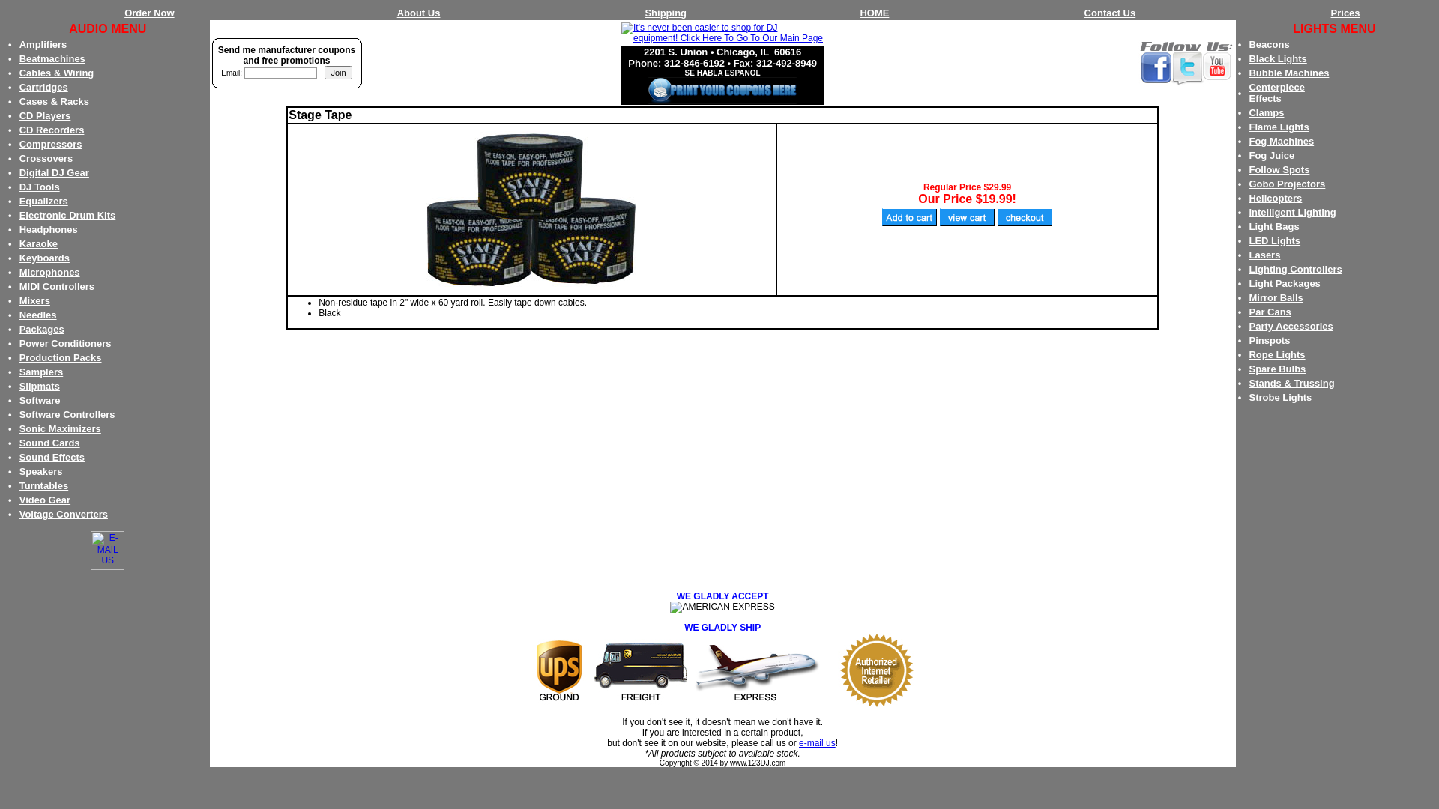 This screenshot has width=1439, height=809. I want to click on 'Light Packages', so click(1248, 283).